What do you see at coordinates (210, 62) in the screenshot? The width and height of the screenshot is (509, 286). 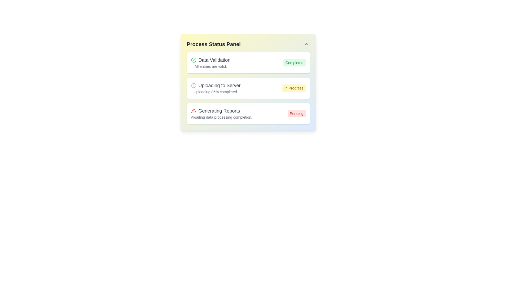 I see `the static information display indicating the current status of the 'Data Validation' process, which shows a green 'Completed' label` at bounding box center [210, 62].